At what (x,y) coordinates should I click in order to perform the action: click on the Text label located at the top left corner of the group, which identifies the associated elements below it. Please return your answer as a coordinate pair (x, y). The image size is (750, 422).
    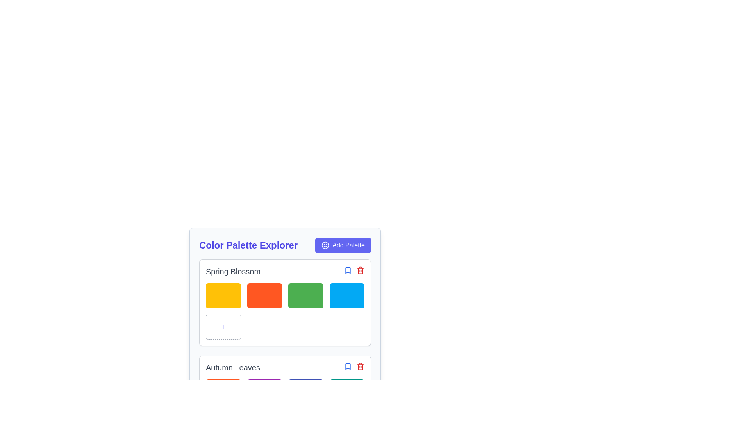
    Looking at the image, I should click on (233, 271).